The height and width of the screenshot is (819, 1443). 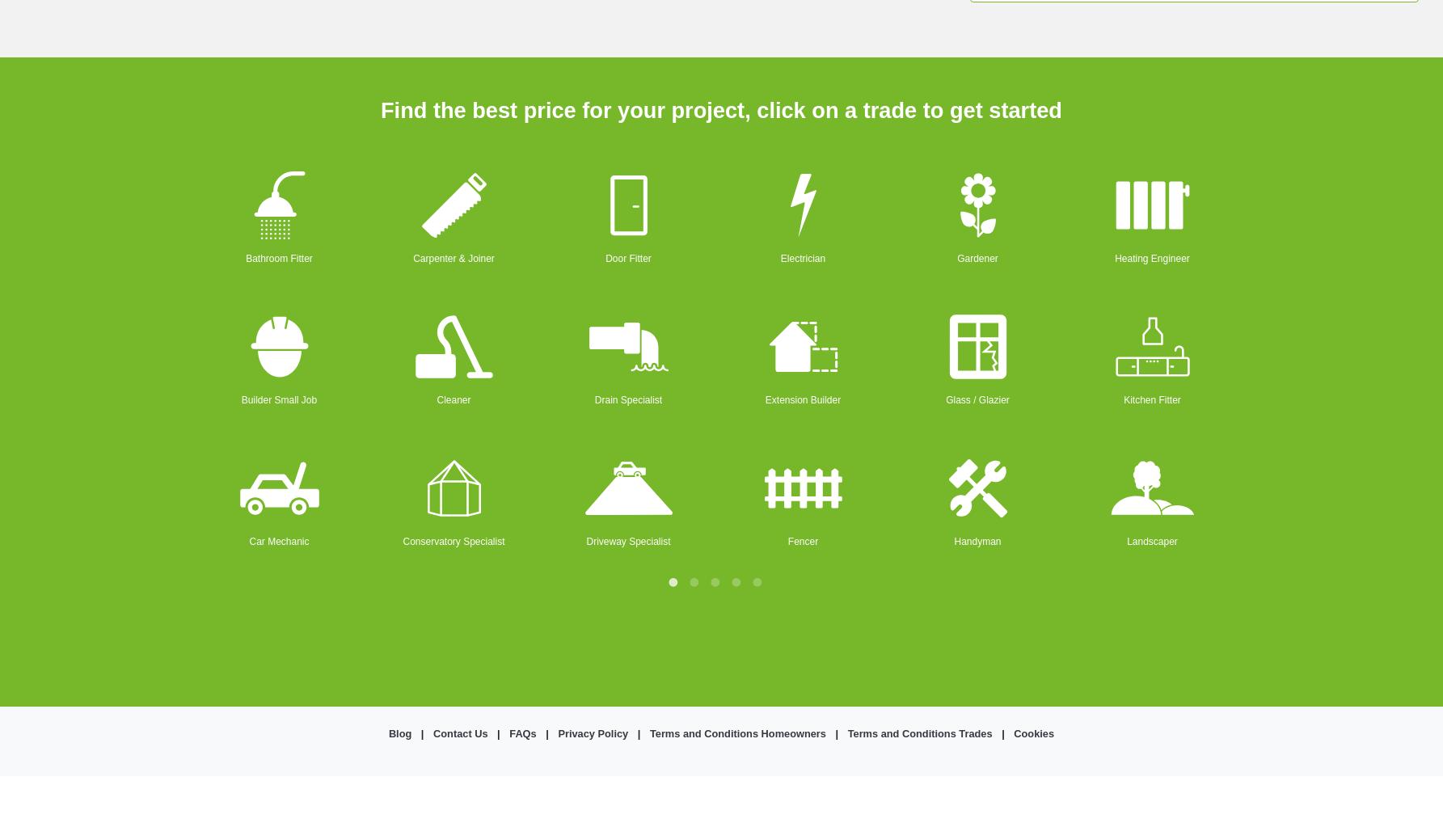 What do you see at coordinates (1326, 257) in the screenshot?
I see `'Locksmith'` at bounding box center [1326, 257].